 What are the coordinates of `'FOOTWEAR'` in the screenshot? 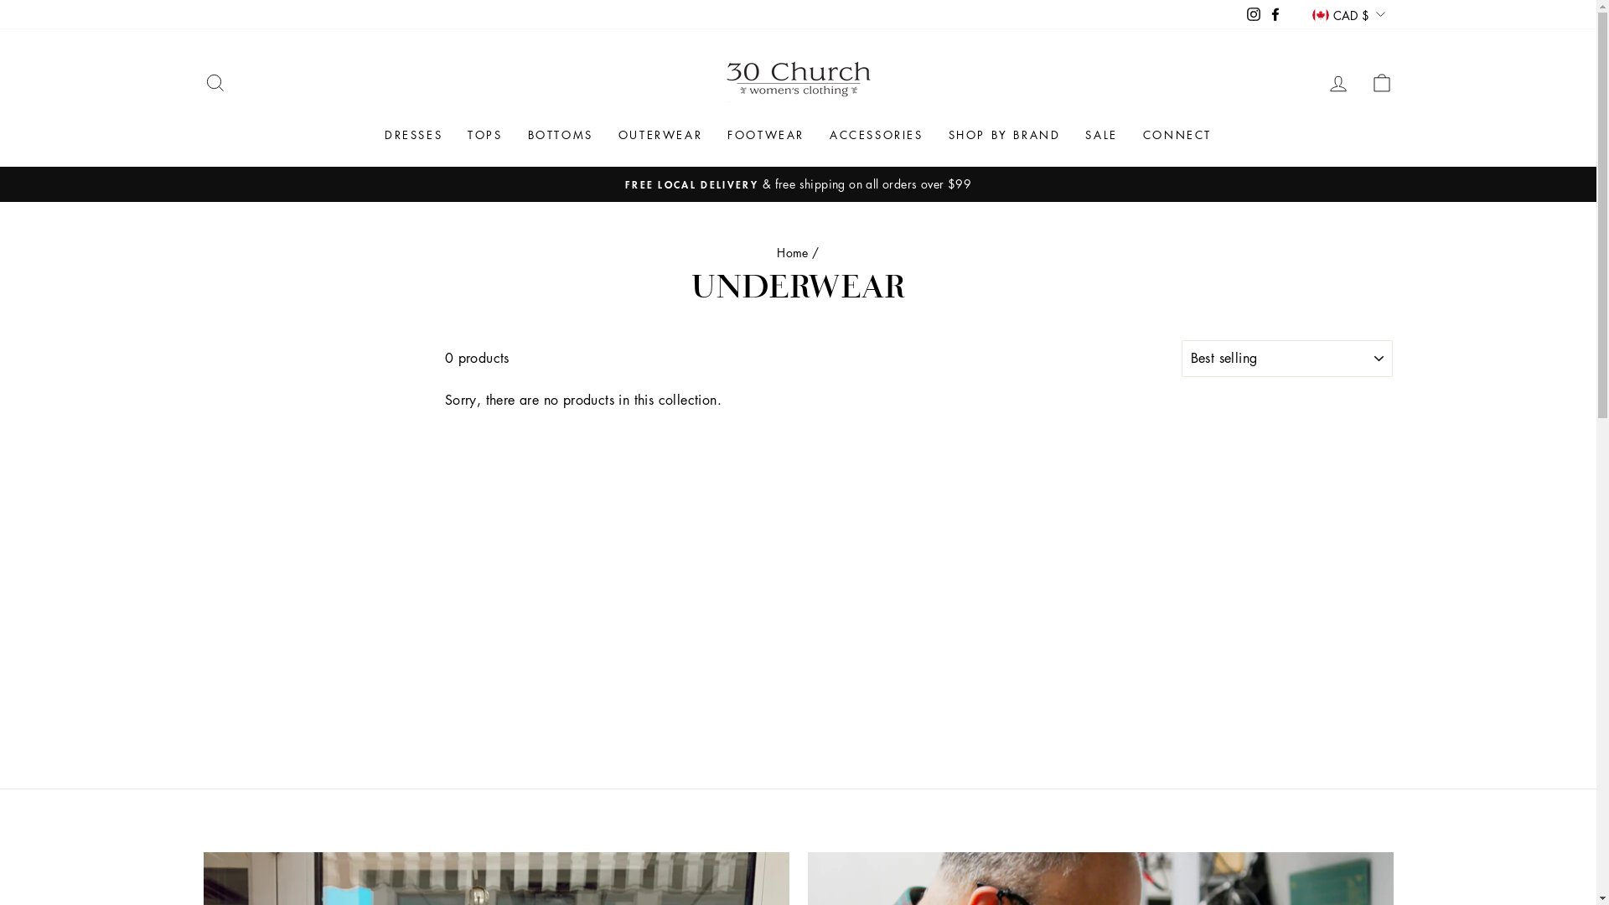 It's located at (764, 135).